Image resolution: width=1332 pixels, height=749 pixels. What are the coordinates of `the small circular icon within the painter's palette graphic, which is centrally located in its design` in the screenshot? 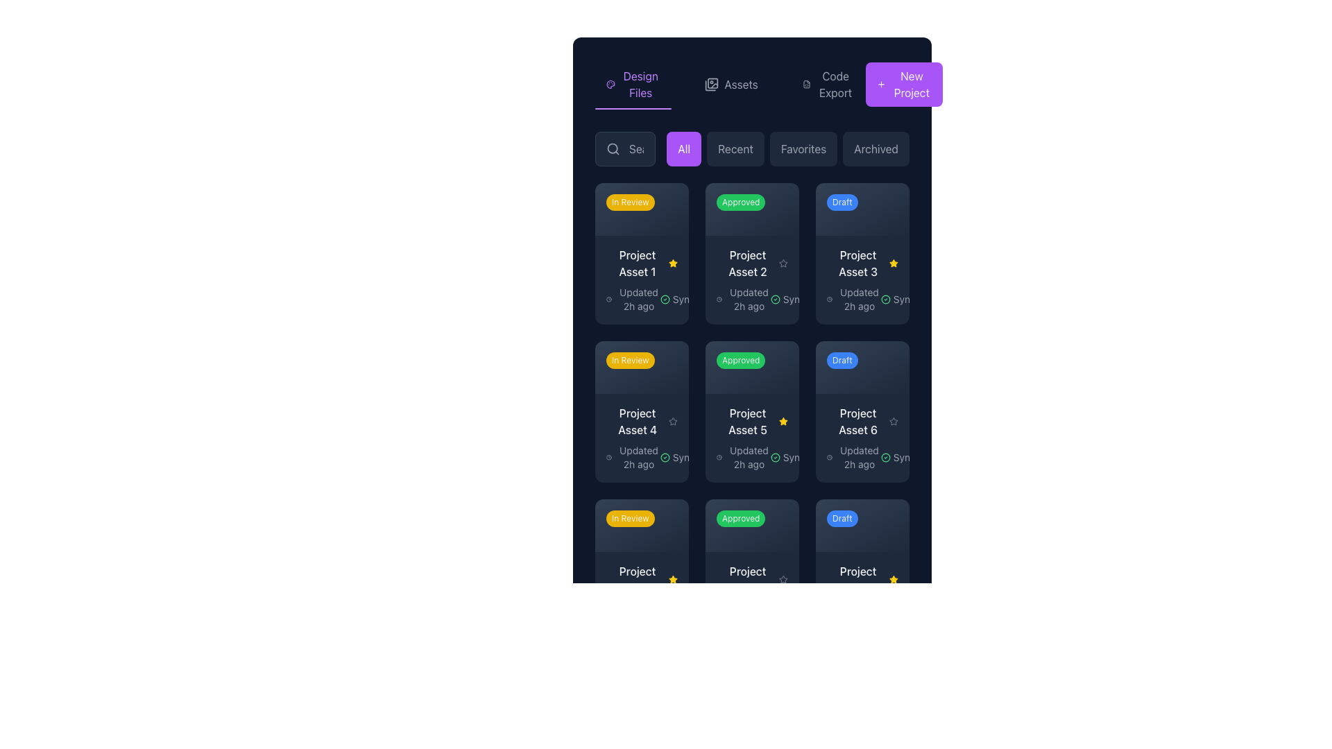 It's located at (610, 85).